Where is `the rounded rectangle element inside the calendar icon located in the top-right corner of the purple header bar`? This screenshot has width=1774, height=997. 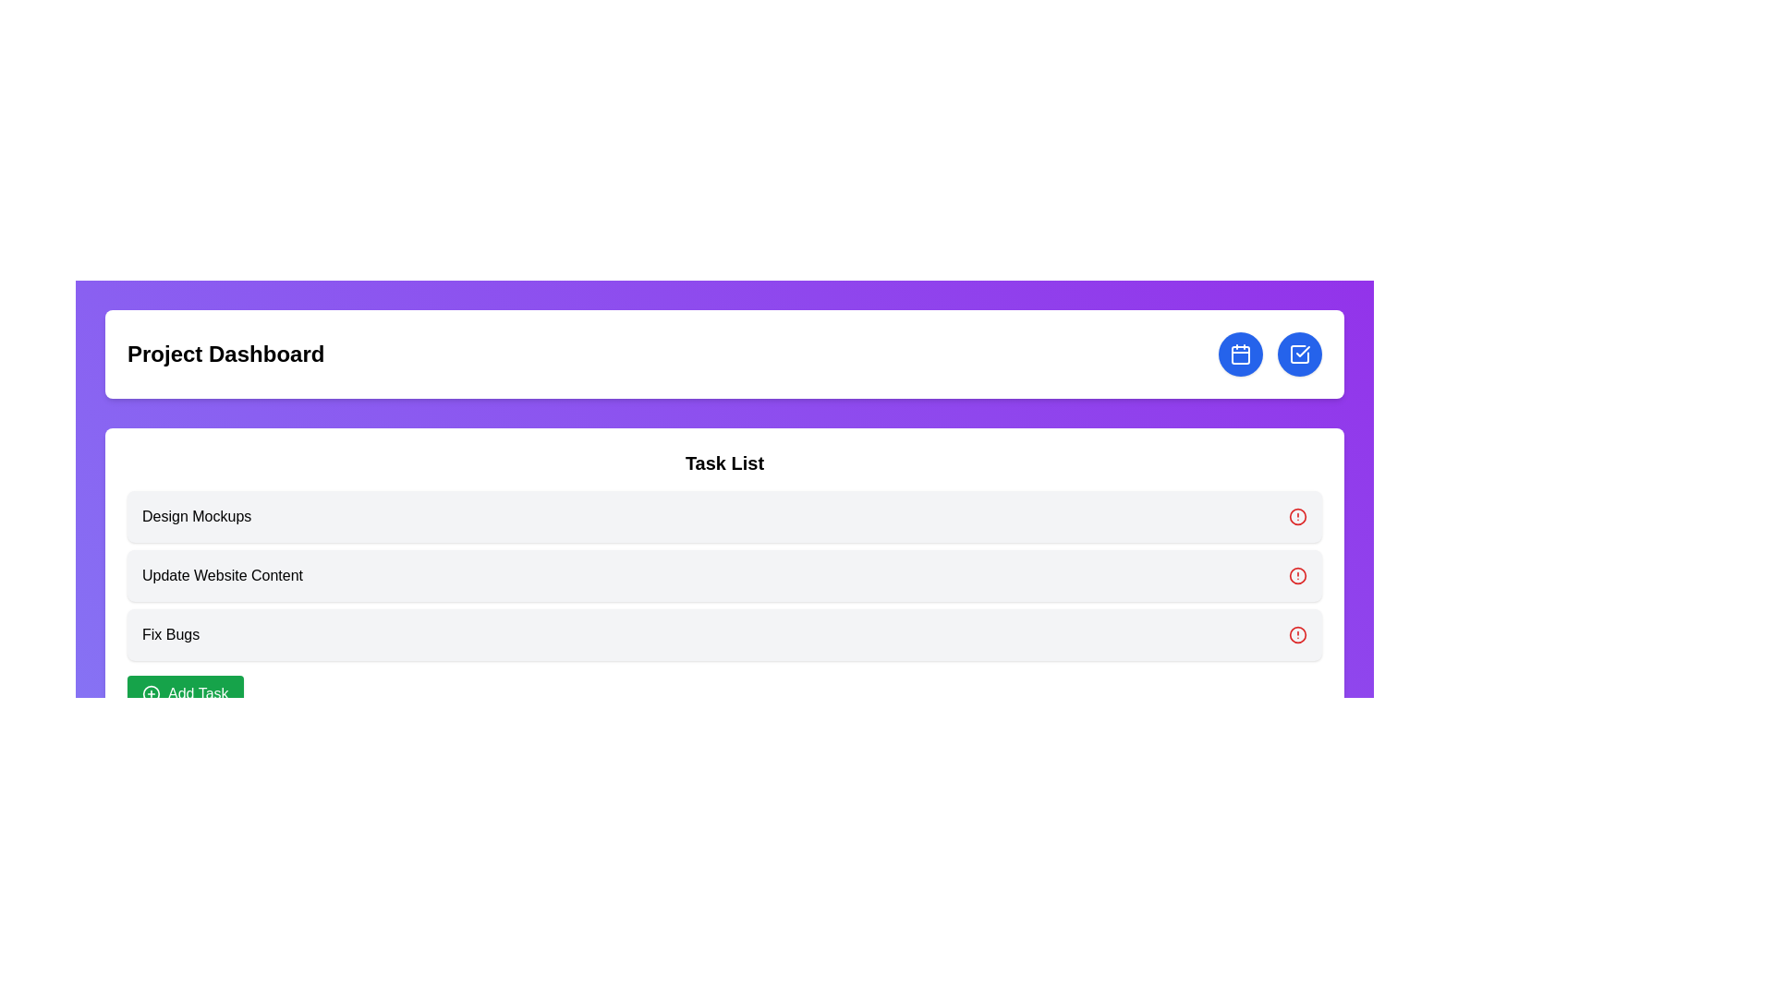
the rounded rectangle element inside the calendar icon located in the top-right corner of the purple header bar is located at coordinates (1241, 355).